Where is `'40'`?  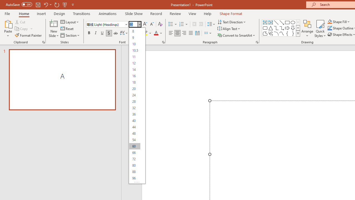 '40' is located at coordinates (135, 120).